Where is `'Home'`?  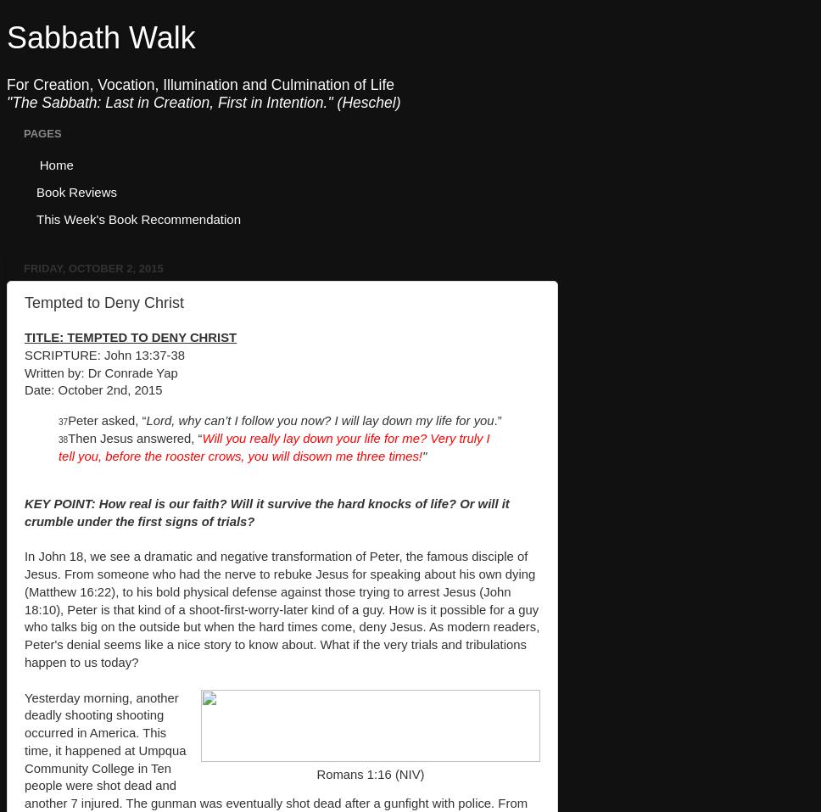 'Home' is located at coordinates (55, 163).